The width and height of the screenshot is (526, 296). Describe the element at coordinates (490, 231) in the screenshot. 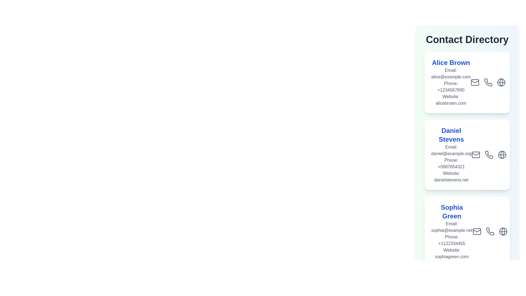

I see `the phone icon for the contact Sophia Green` at that location.